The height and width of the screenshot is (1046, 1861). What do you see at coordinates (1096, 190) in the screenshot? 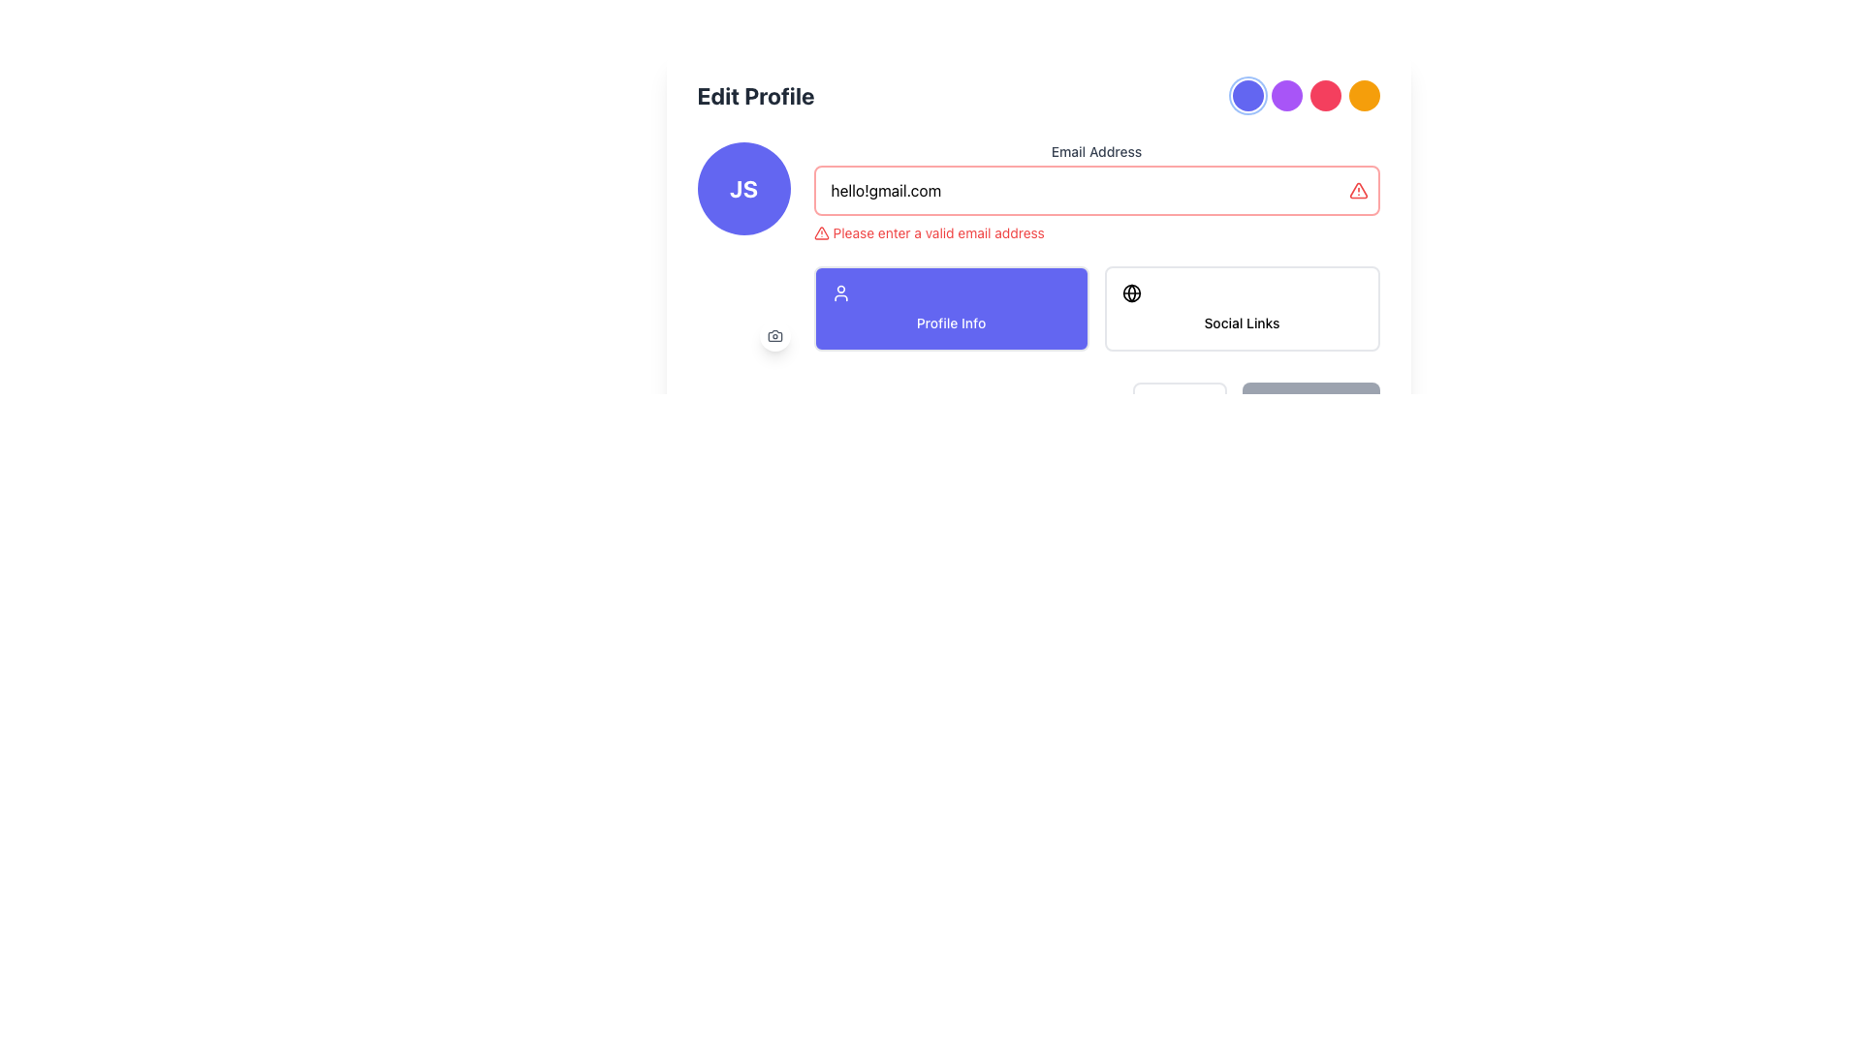
I see `inside the email input field with a red rounded border and placeholder text 'hello!gmail.com' to focus it` at bounding box center [1096, 190].